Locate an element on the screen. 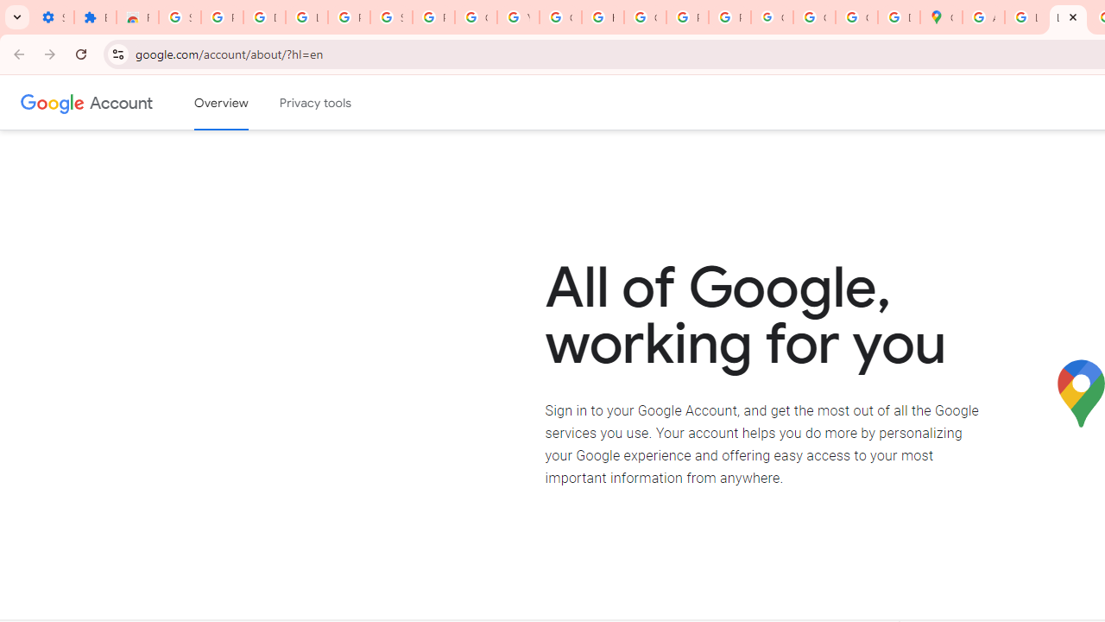 Image resolution: width=1105 pixels, height=622 pixels. 'Google Account' is located at coordinates (120, 102).